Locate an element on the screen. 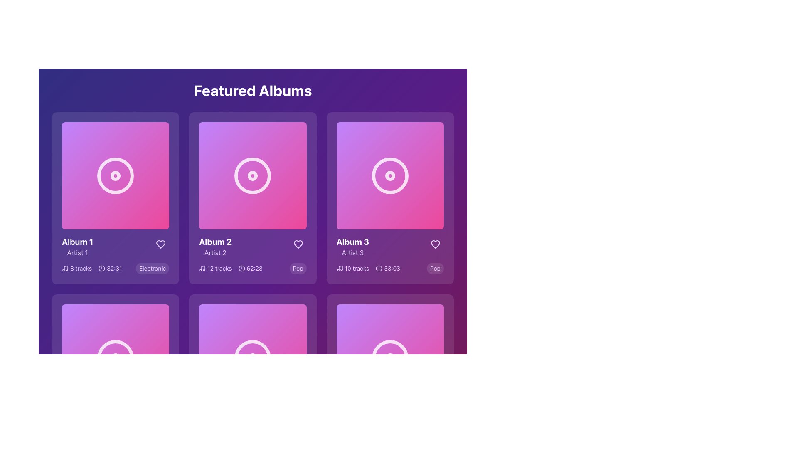  the decorative circle representing the center of the disc in the album's icon is located at coordinates (115, 358).